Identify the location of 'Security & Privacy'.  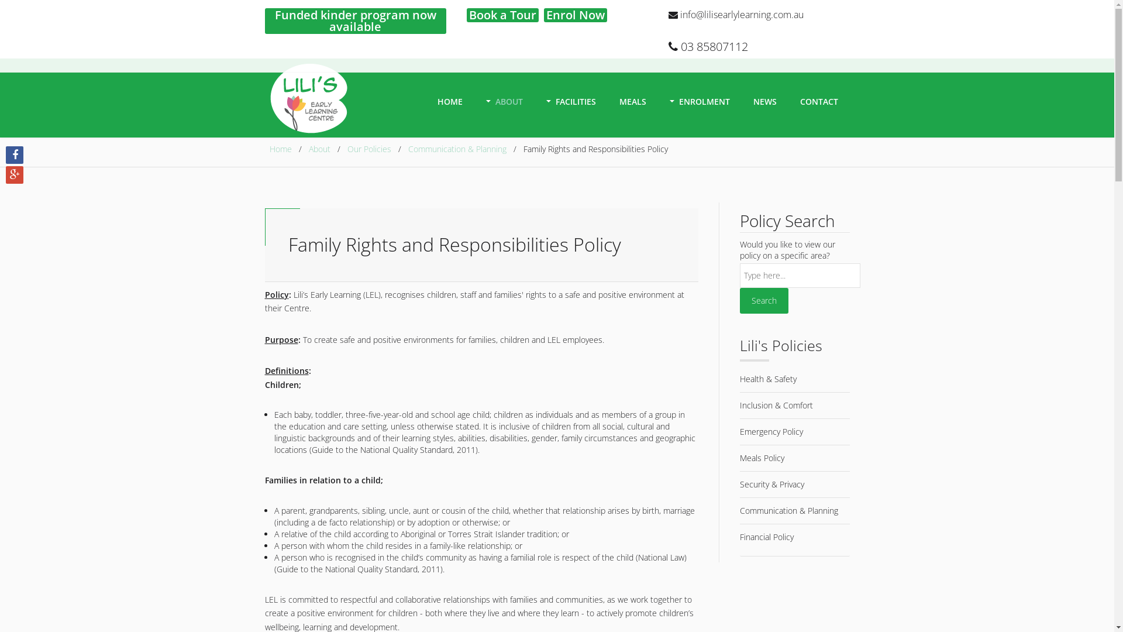
(739, 484).